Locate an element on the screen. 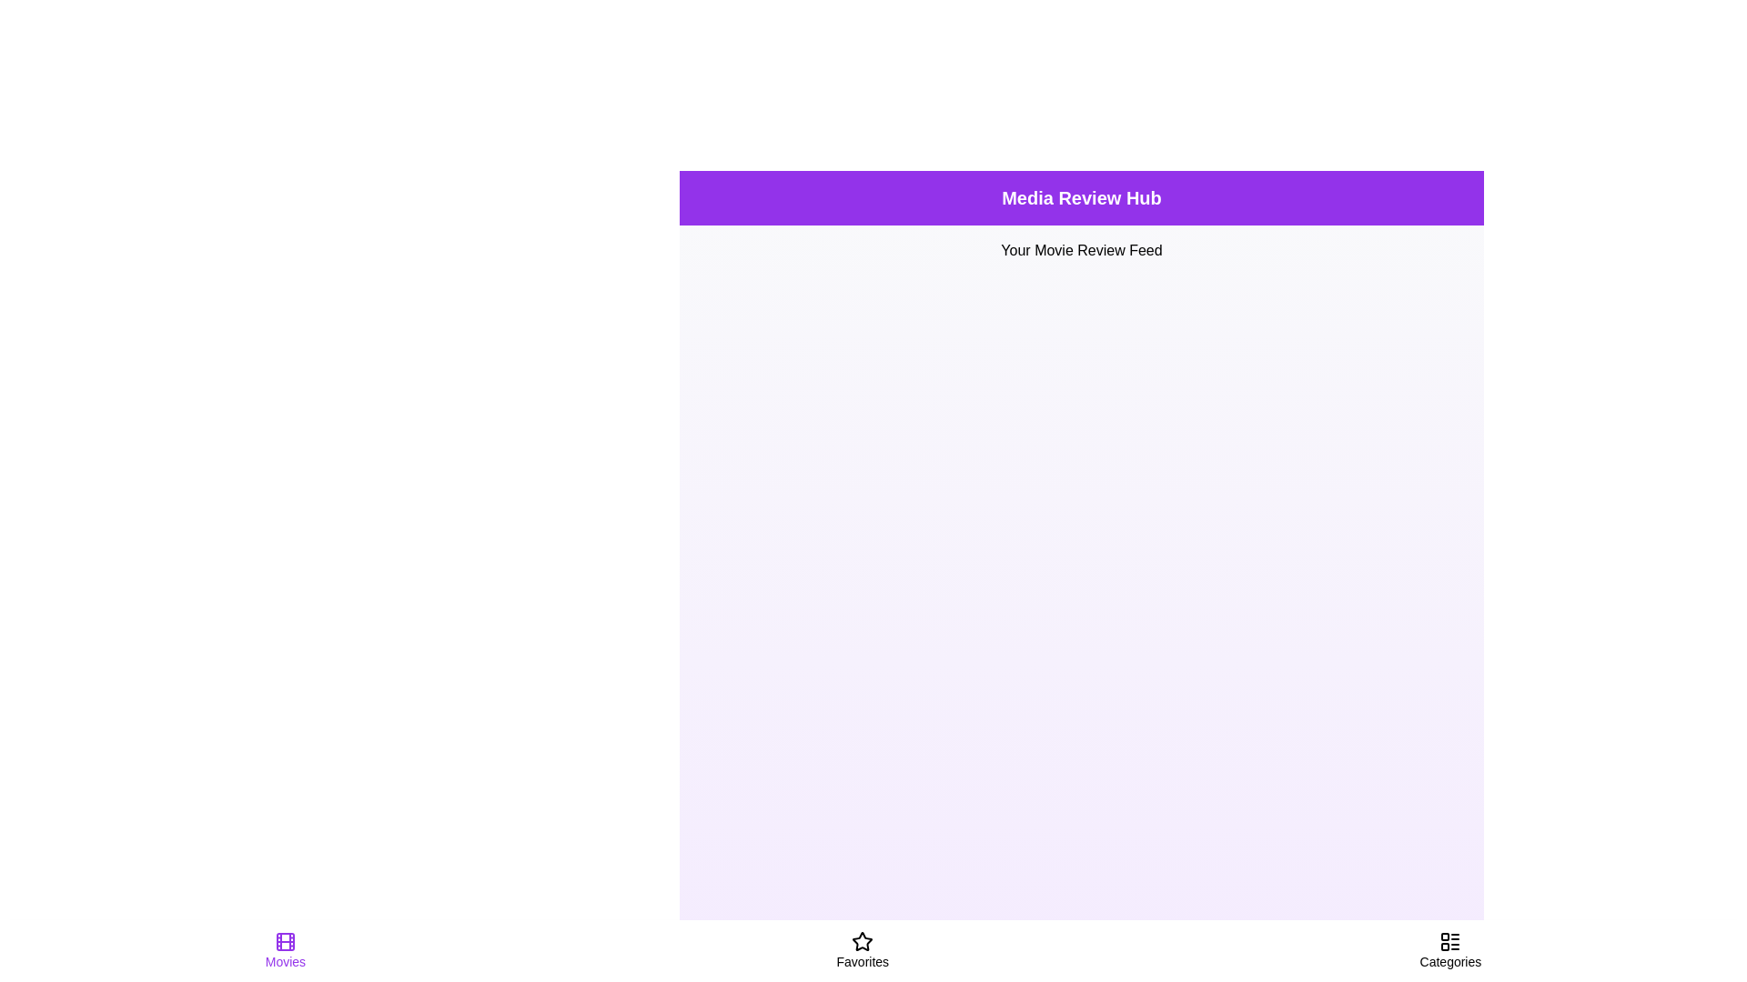  the star icon in the bottom navigation bar above the 'Favorites' label is located at coordinates (862, 941).